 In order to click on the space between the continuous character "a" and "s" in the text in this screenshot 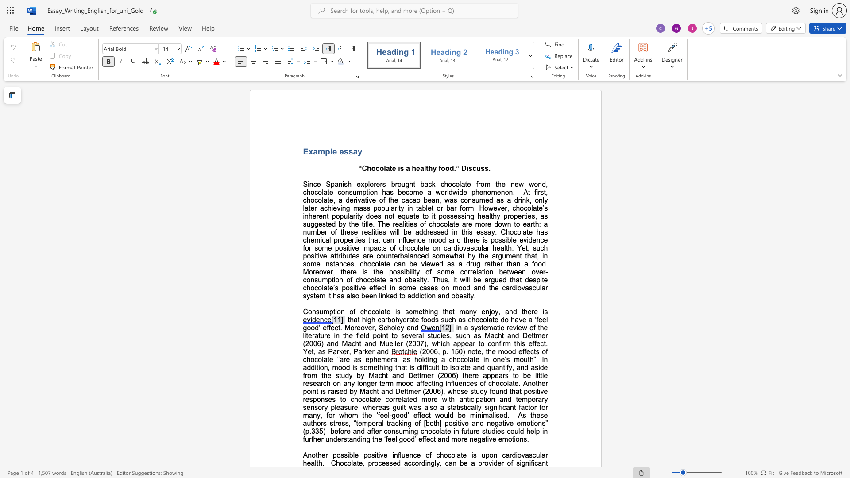, I will do `click(390, 192)`.